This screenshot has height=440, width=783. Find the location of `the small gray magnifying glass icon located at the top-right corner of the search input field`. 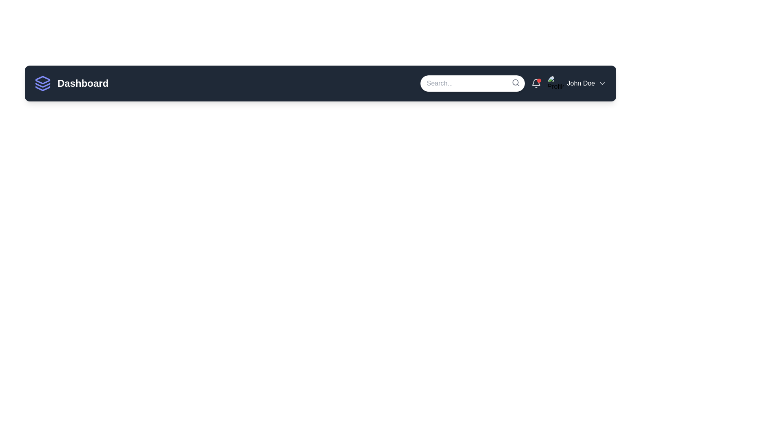

the small gray magnifying glass icon located at the top-right corner of the search input field is located at coordinates (515, 83).